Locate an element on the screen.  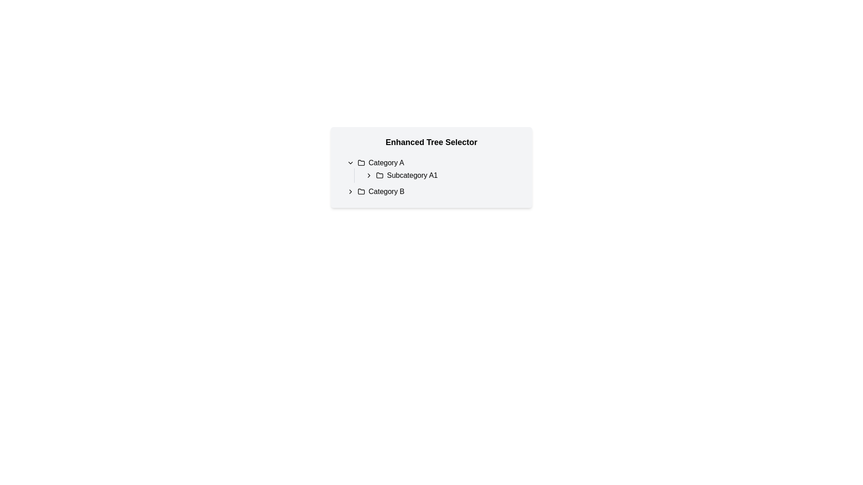
the folder icon representing 'Category B' is located at coordinates (361, 190).